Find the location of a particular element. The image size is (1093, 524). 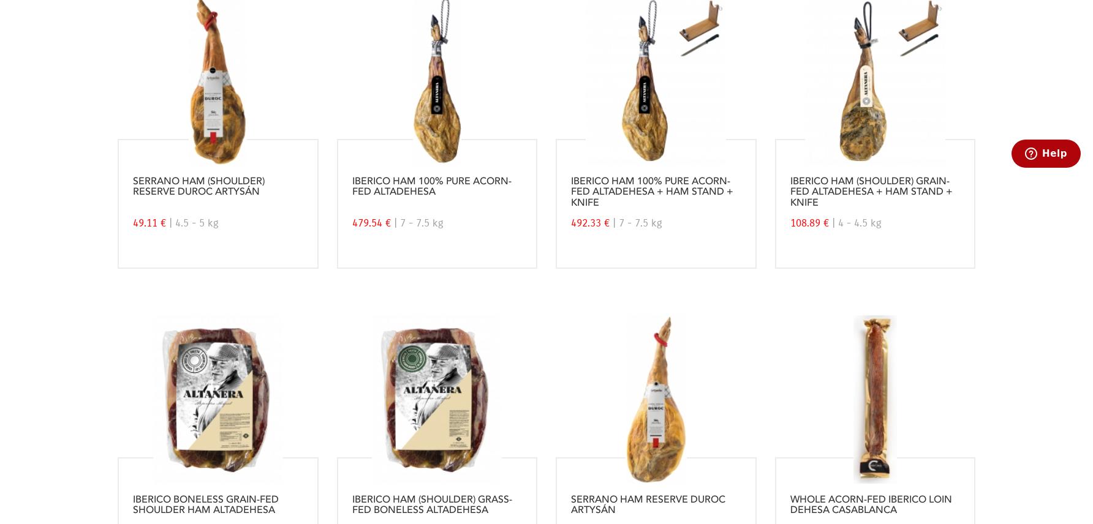

'Serrano ham (shoulder) reserve duroc Artysán' is located at coordinates (199, 186).